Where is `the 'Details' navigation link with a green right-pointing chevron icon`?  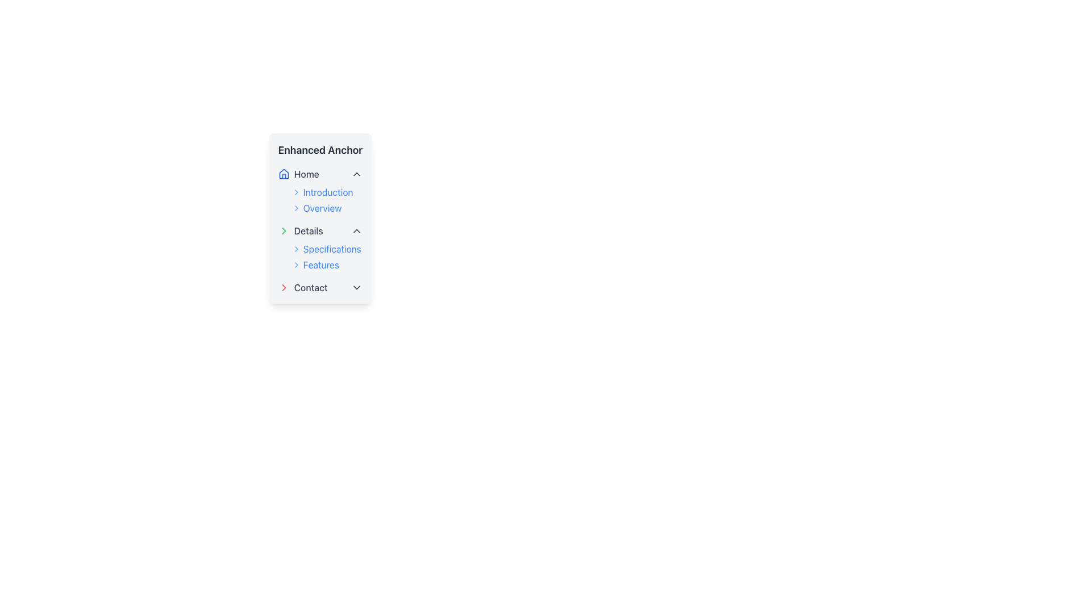
the 'Details' navigation link with a green right-pointing chevron icon is located at coordinates (300, 230).